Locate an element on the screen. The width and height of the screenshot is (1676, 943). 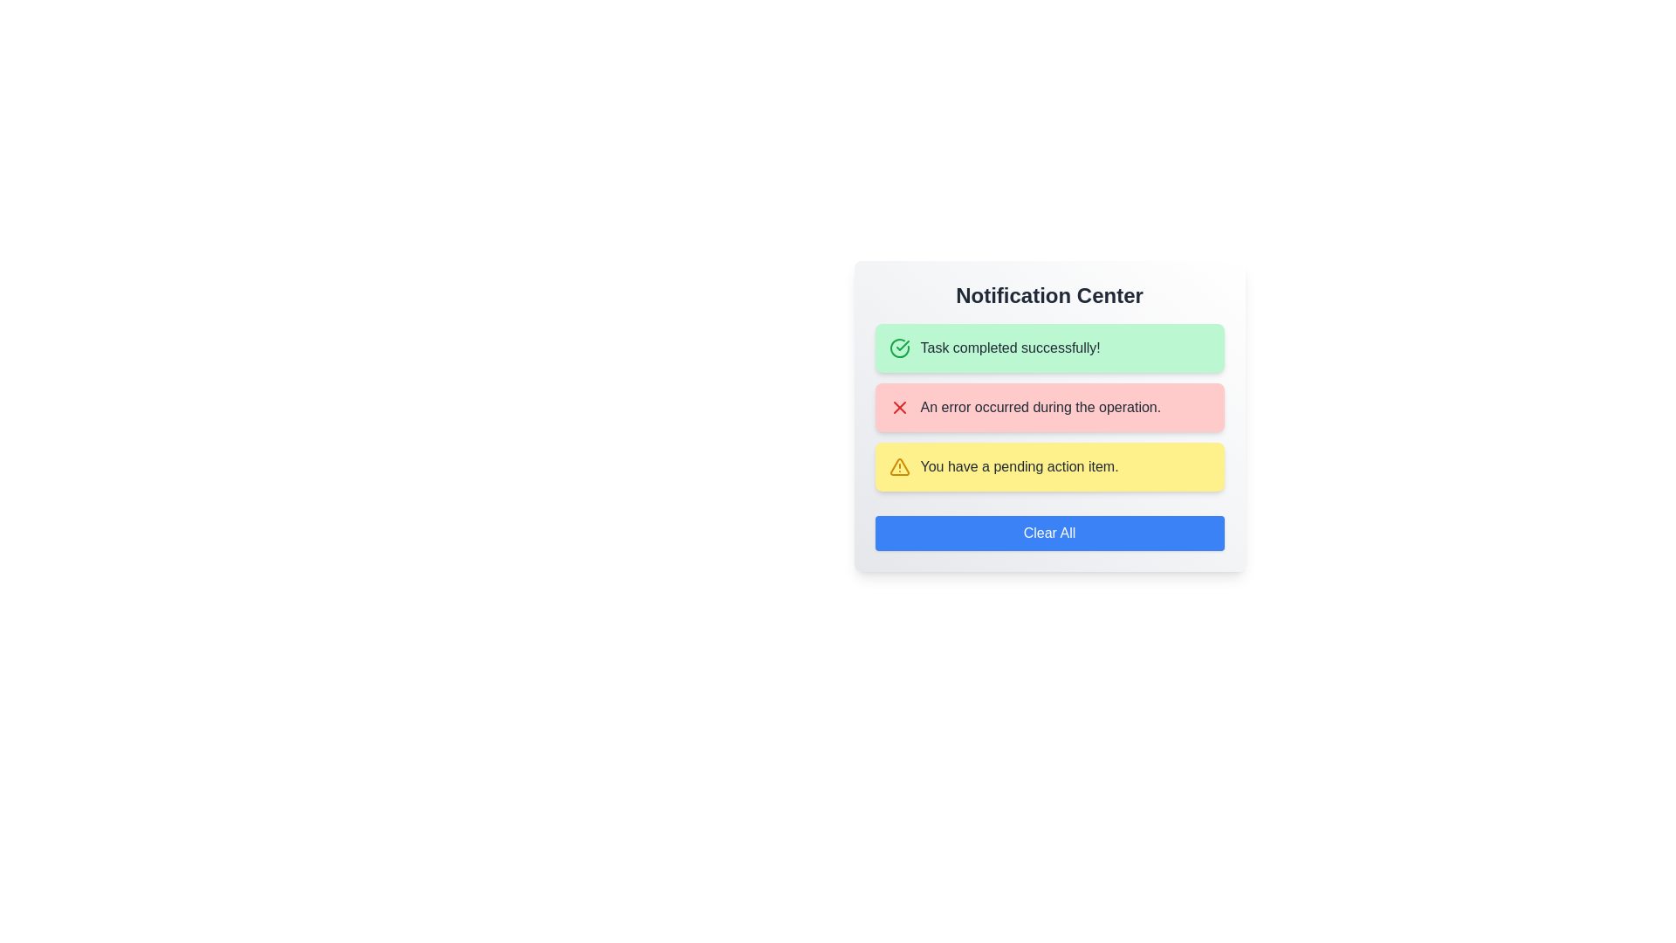
the error icon located at the left-most part of the red notification card that displays the message 'An error occurred during the operation.' is located at coordinates (899, 407).